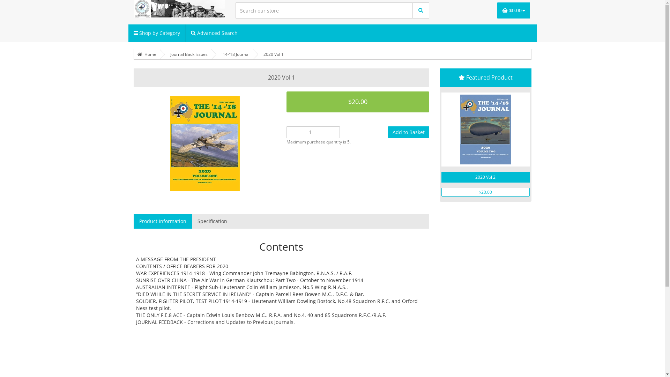  What do you see at coordinates (513, 10) in the screenshot?
I see `'$0.00'` at bounding box center [513, 10].